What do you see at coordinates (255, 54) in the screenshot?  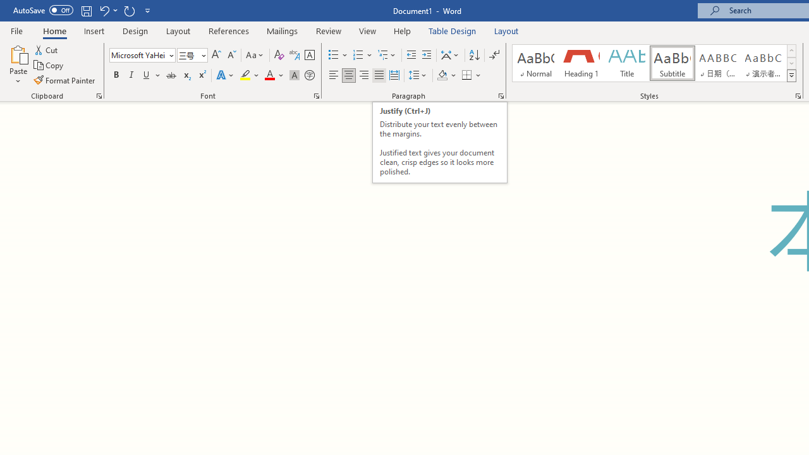 I see `'Change Case'` at bounding box center [255, 54].